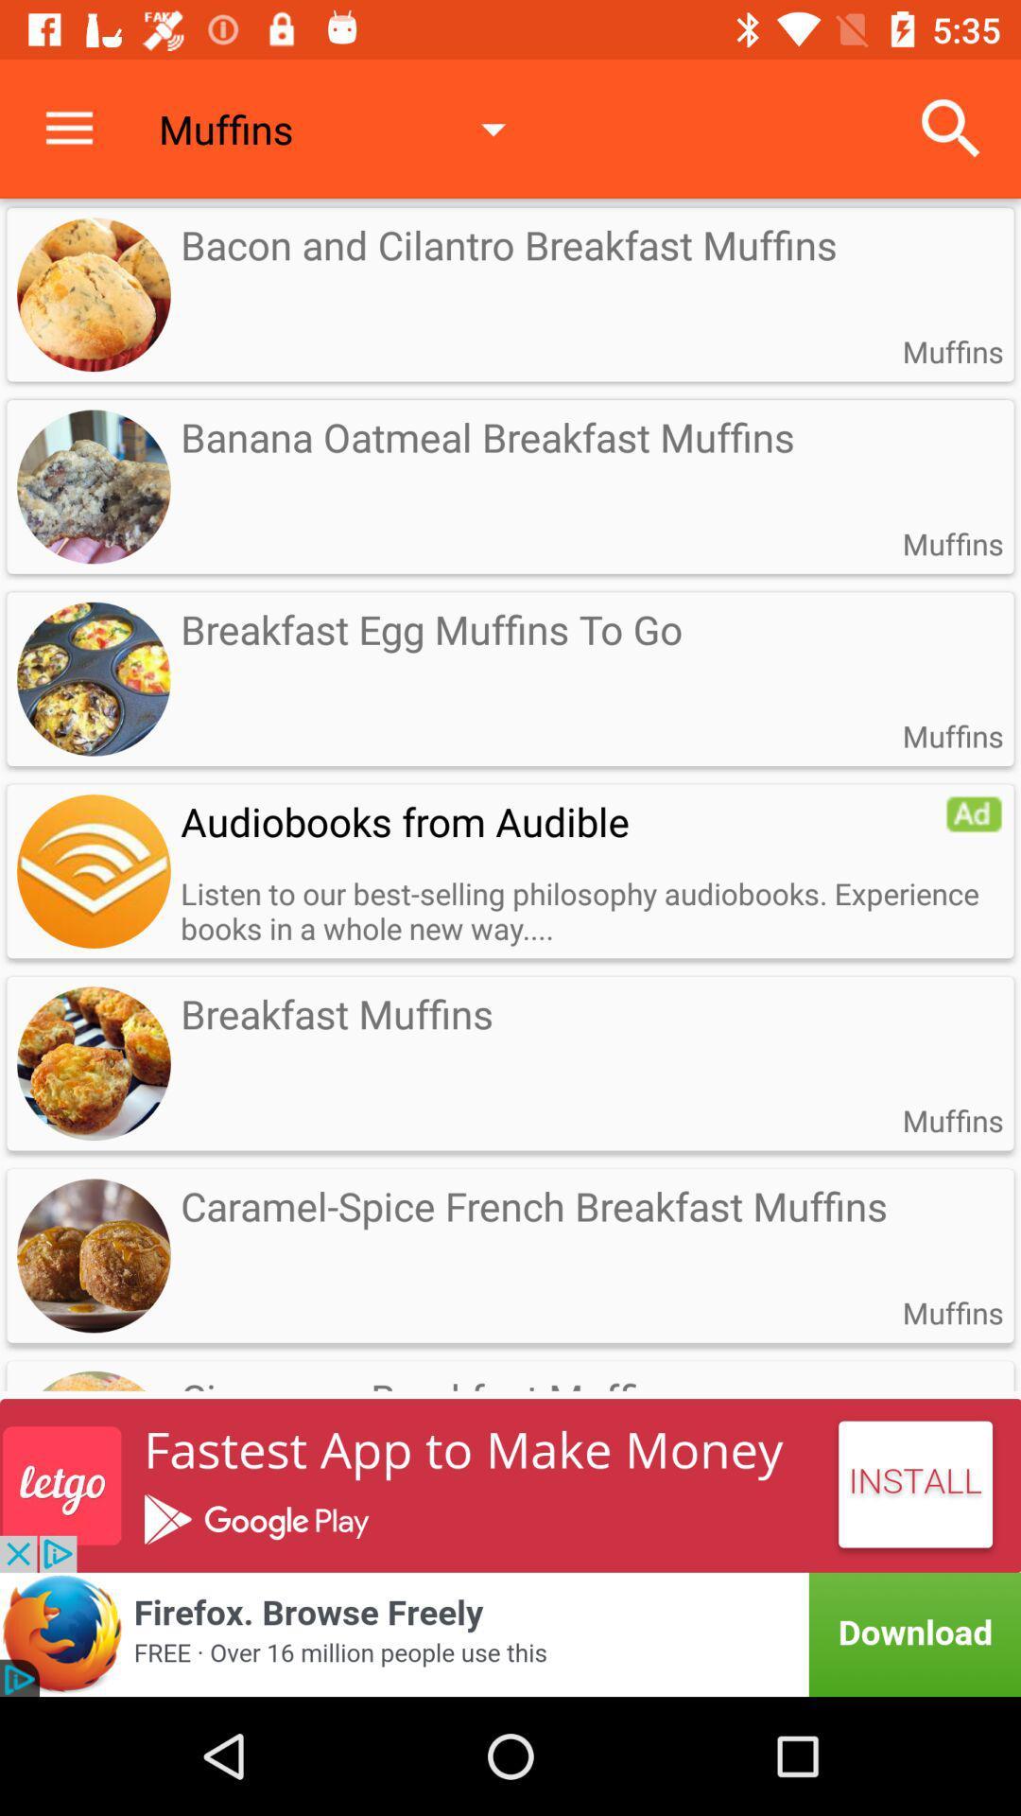 The height and width of the screenshot is (1816, 1021). Describe the element at coordinates (510, 1633) in the screenshot. I see `lower advertisement bar` at that location.